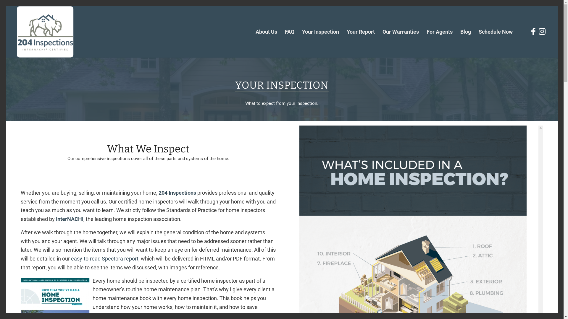  Describe the element at coordinates (533, 32) in the screenshot. I see `'Facebook'` at that location.